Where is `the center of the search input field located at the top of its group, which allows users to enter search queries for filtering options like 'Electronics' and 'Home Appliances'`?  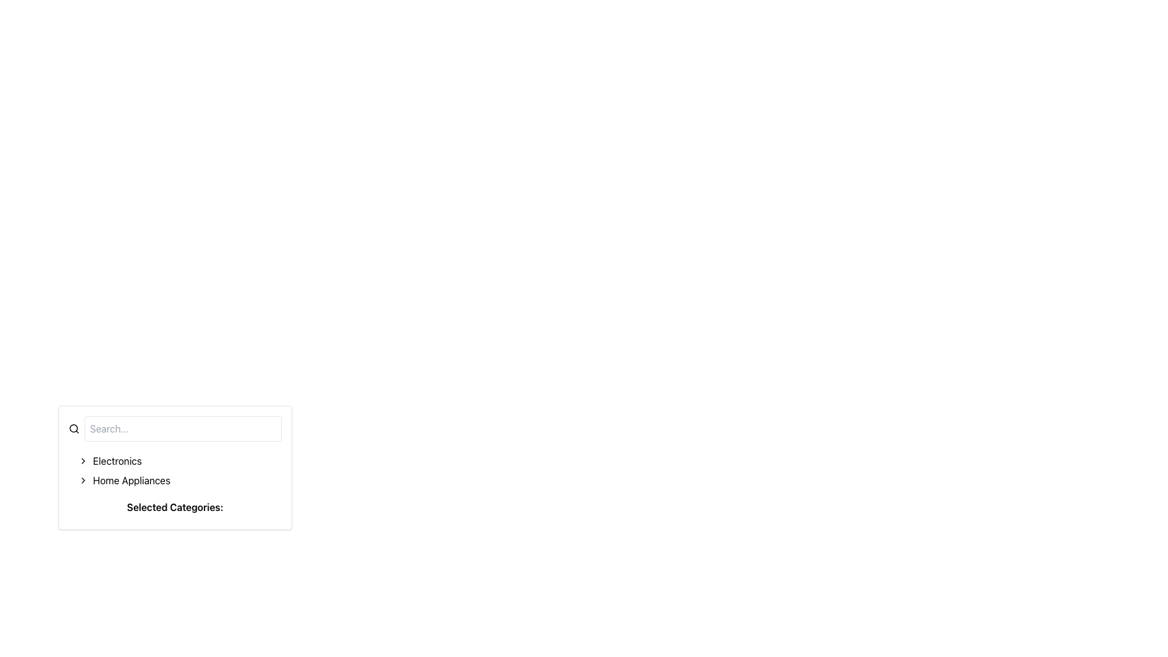
the center of the search input field located at the top of its group, which allows users to enter search queries for filtering options like 'Electronics' and 'Home Appliances' is located at coordinates (175, 428).